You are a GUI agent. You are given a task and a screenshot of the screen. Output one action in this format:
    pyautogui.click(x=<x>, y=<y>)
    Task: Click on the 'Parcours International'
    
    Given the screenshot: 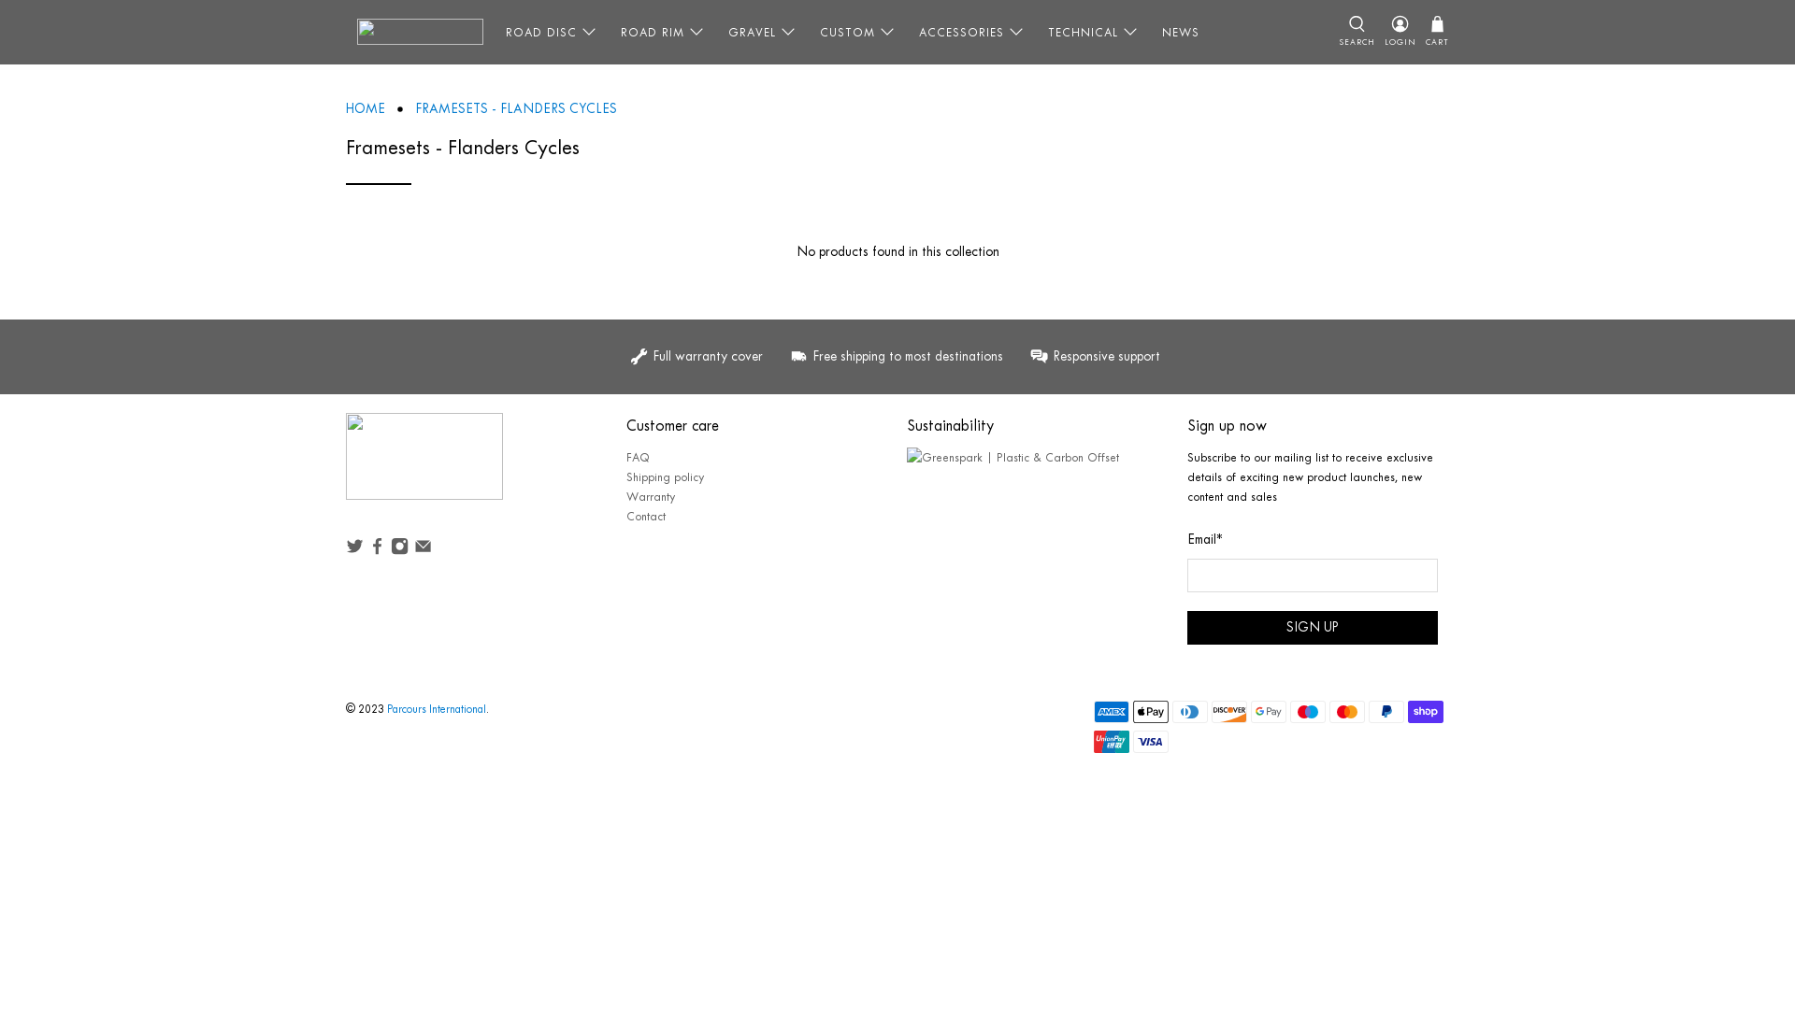 What is the action you would take?
    pyautogui.click(x=424, y=464)
    